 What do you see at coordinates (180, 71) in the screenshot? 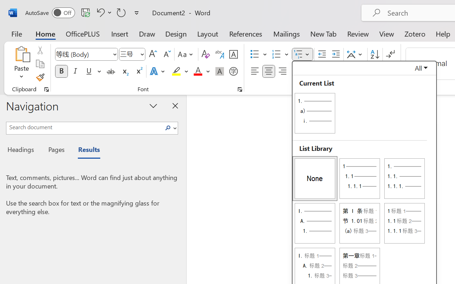
I see `'Text Highlight Color'` at bounding box center [180, 71].